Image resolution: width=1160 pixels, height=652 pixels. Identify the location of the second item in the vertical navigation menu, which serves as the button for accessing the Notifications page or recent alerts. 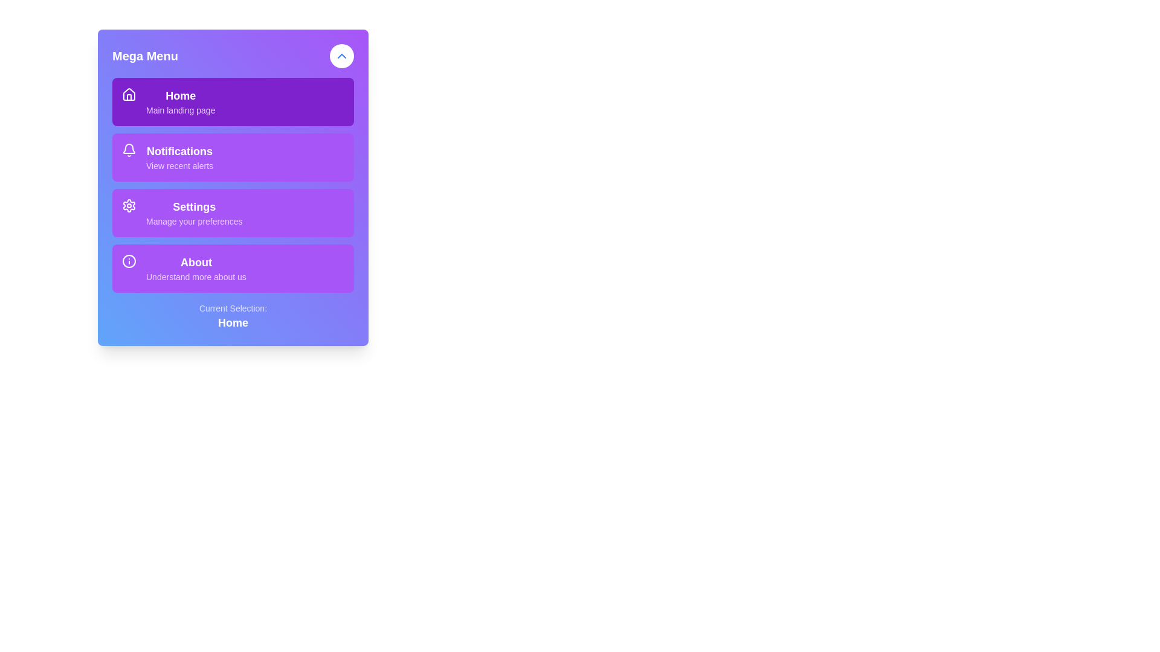
(233, 157).